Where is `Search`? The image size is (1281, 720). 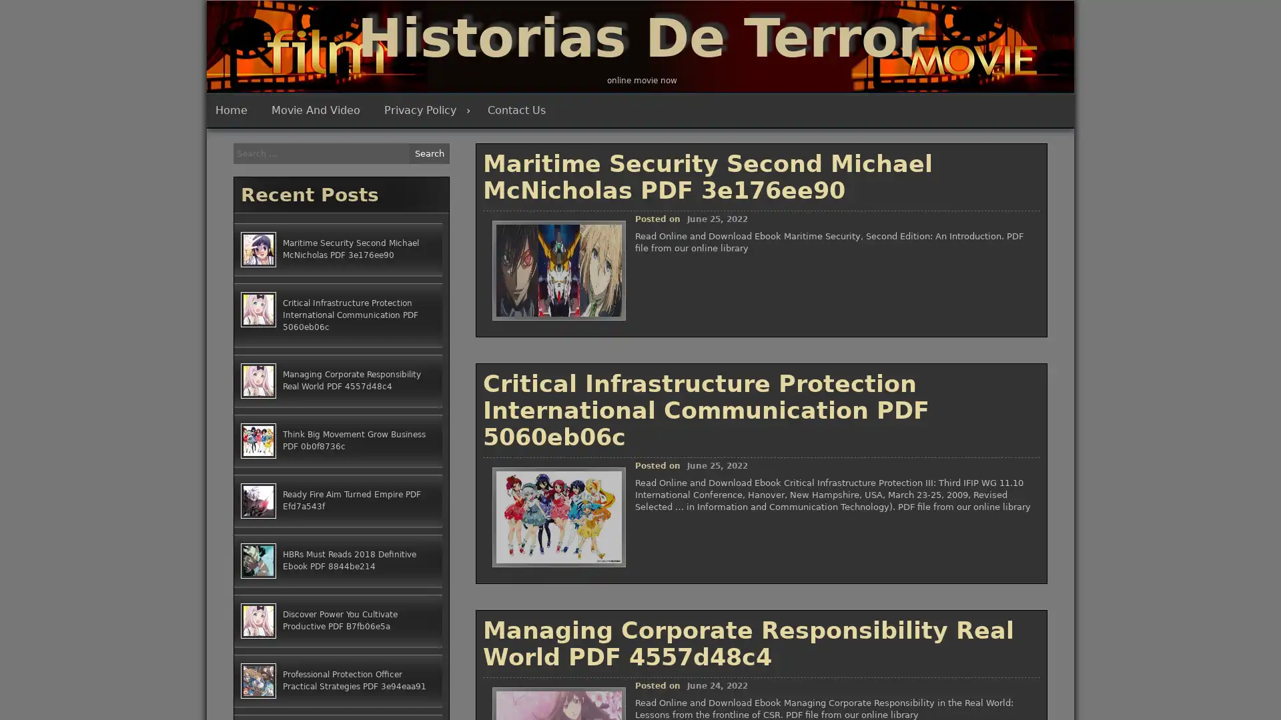 Search is located at coordinates (429, 153).